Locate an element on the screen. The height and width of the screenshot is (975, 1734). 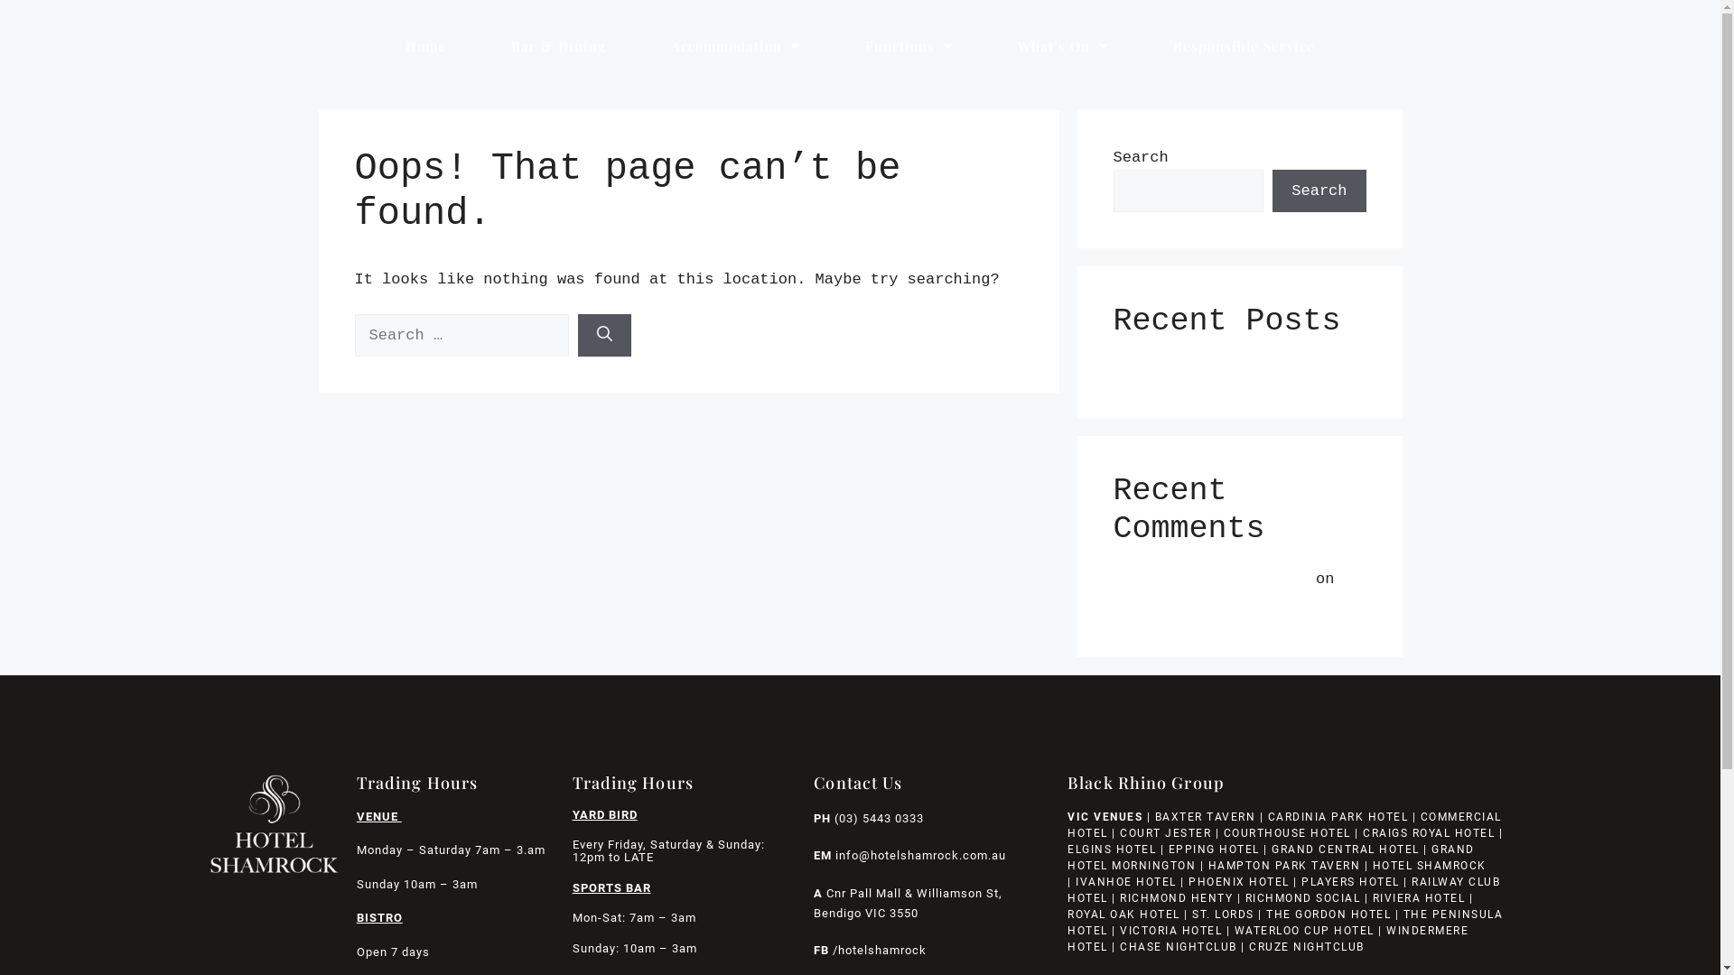
'ELGINS HOTEL' is located at coordinates (1110, 850).